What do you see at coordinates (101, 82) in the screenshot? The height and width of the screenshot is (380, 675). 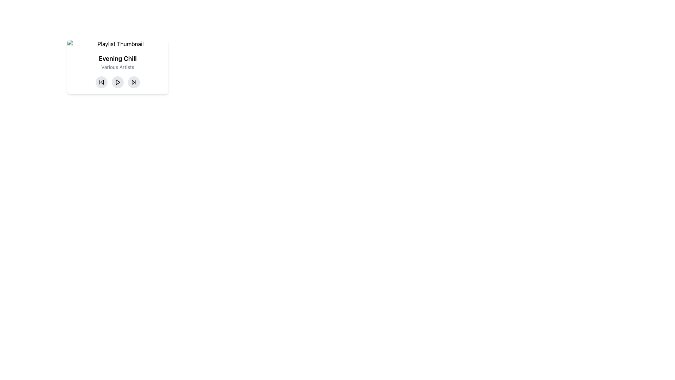 I see `the circular 'Skip Backward' button with a gray background located in the music playlist section` at bounding box center [101, 82].